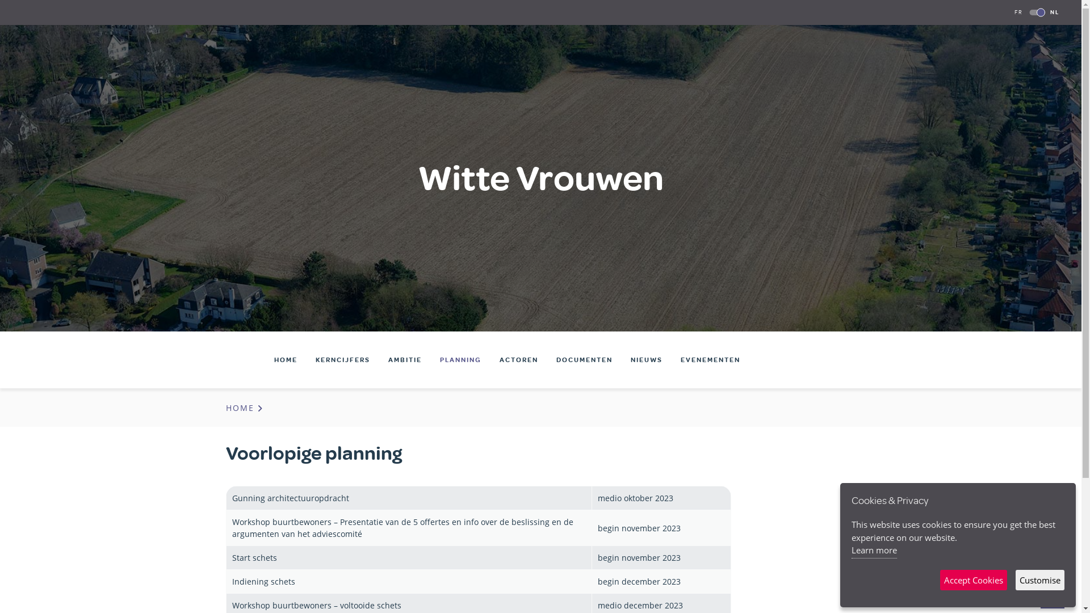 Image resolution: width=1090 pixels, height=613 pixels. What do you see at coordinates (405, 359) in the screenshot?
I see `'AMBITIE'` at bounding box center [405, 359].